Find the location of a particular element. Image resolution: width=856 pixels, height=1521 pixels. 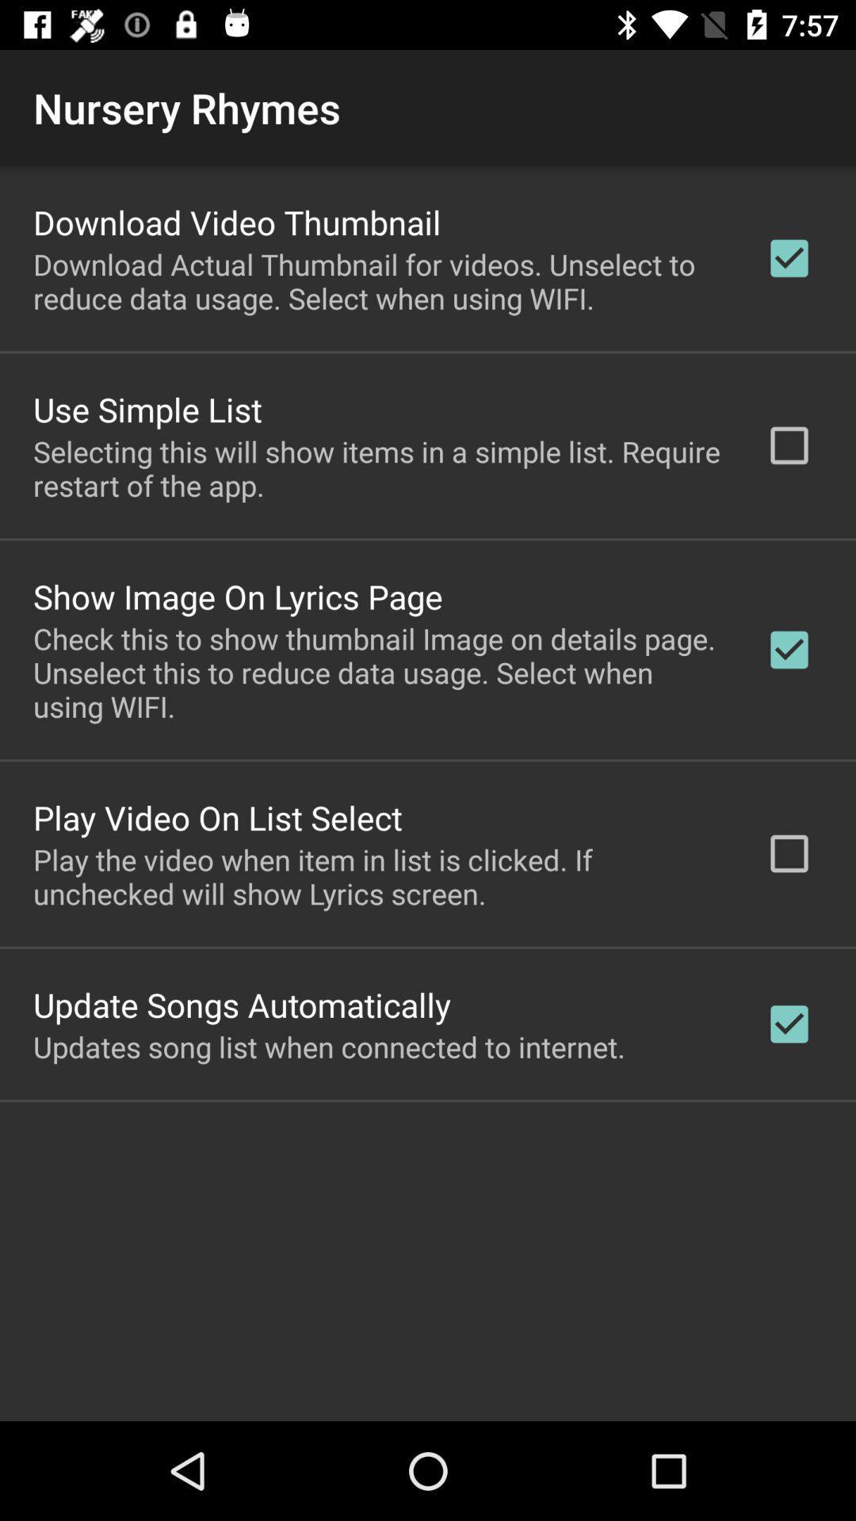

icon below update songs automatically item is located at coordinates (328, 1046).